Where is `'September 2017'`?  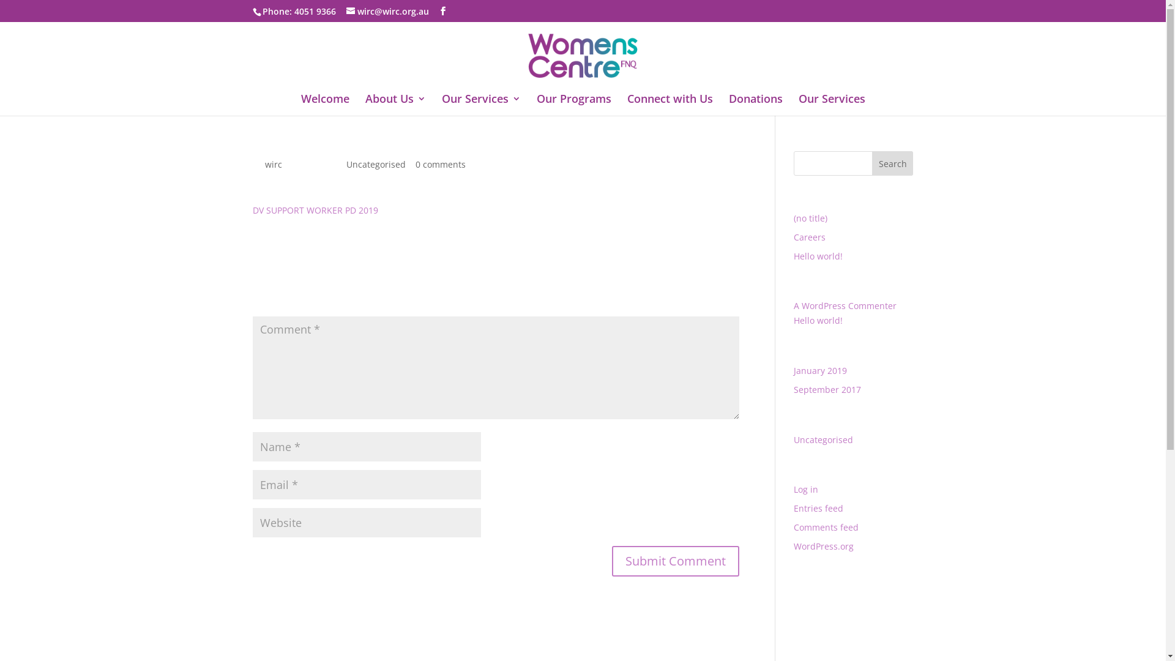 'September 2017' is located at coordinates (793, 389).